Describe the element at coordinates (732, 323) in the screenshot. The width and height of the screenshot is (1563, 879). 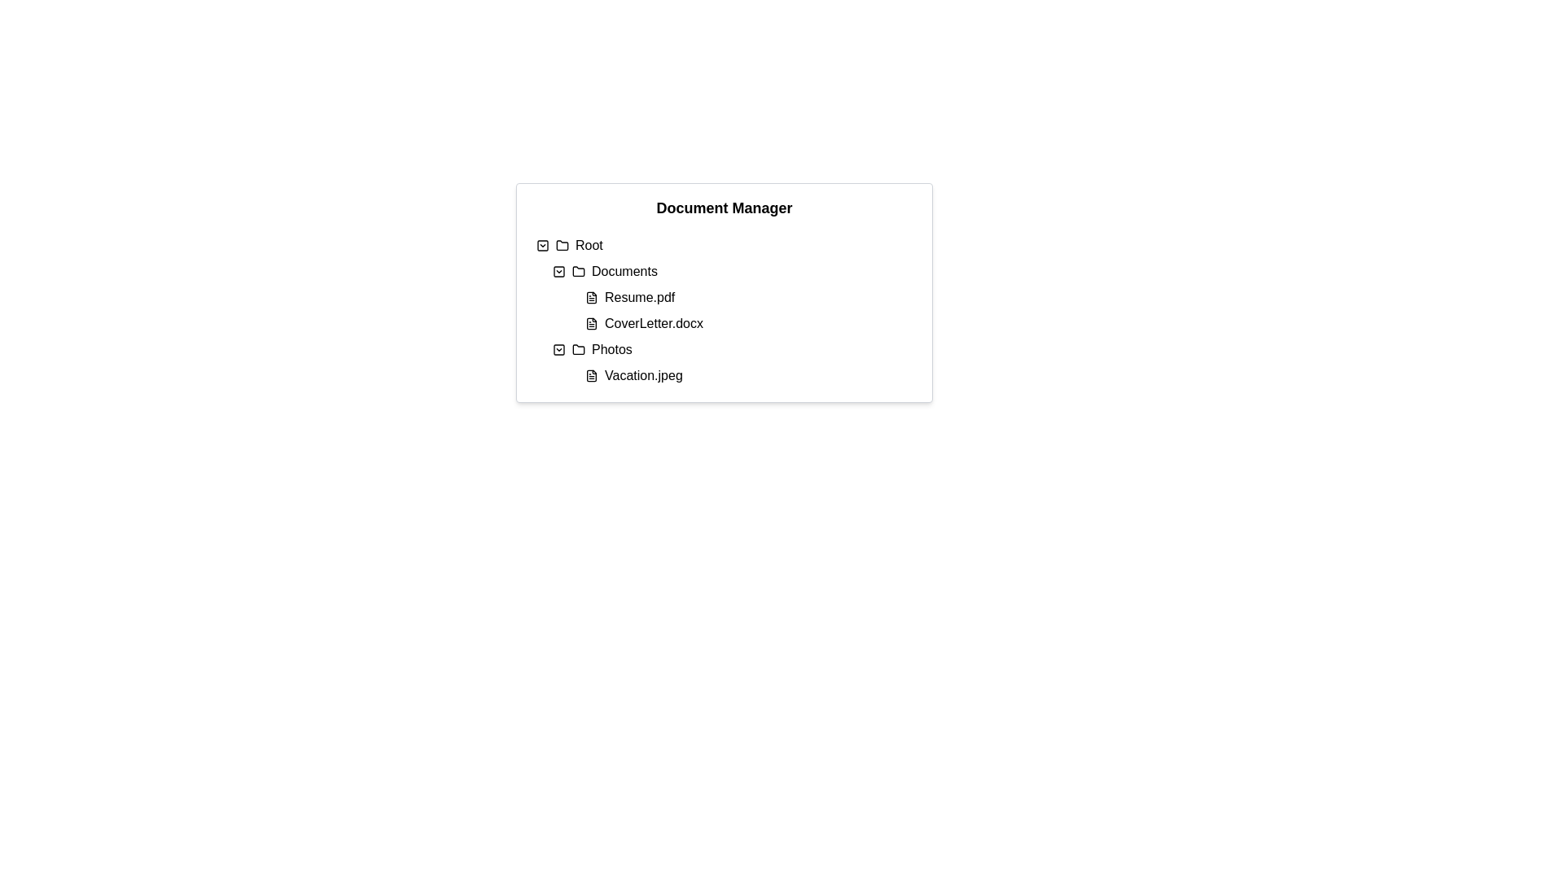
I see `the file entry labeled 'CoverLetter.docx' in the Documents section` at that location.